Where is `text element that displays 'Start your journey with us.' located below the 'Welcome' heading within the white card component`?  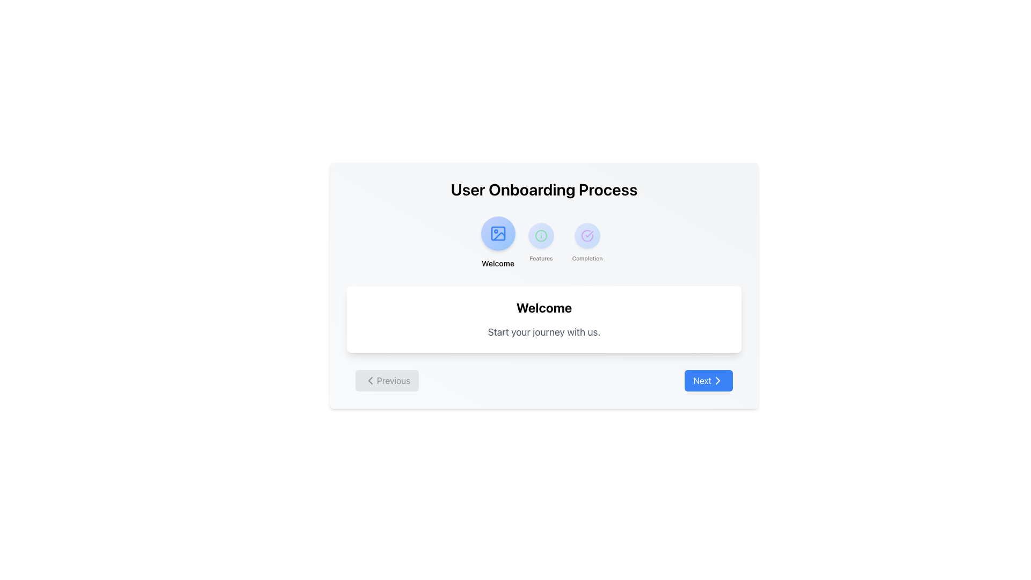
text element that displays 'Start your journey with us.' located below the 'Welcome' heading within the white card component is located at coordinates (544, 331).